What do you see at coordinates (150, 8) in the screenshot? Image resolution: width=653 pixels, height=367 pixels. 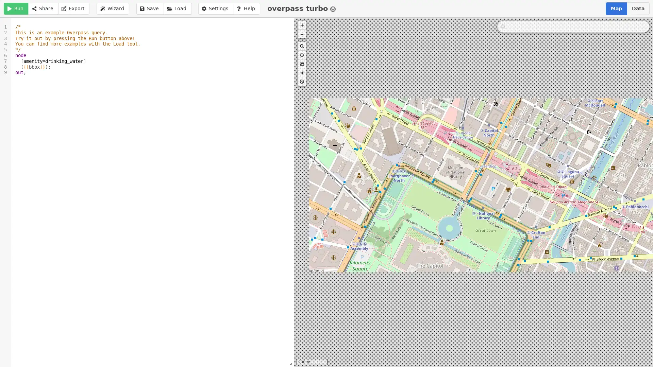 I see `Save` at bounding box center [150, 8].